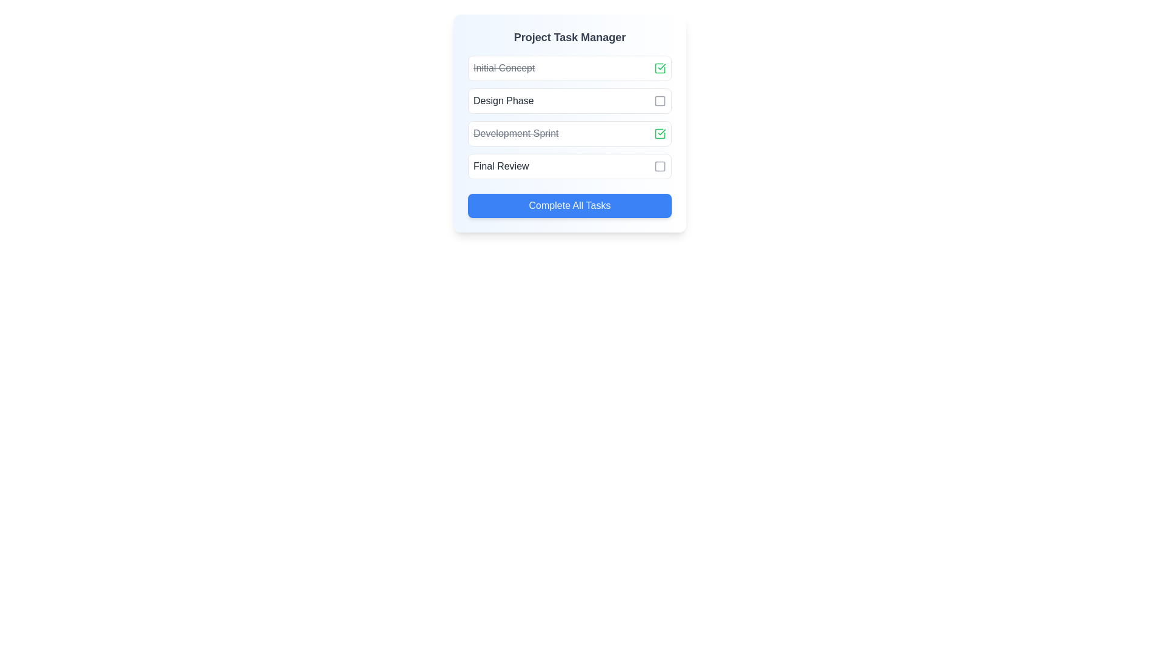 This screenshot has width=1164, height=654. What do you see at coordinates (569, 100) in the screenshot?
I see `the checkbox of the second list item in the 'Project Task Manager' to mark the task as done` at bounding box center [569, 100].